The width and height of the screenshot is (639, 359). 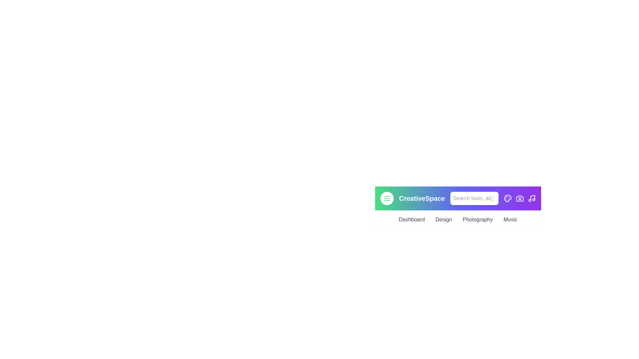 What do you see at coordinates (444, 219) in the screenshot?
I see `the Design link in the navigation bar` at bounding box center [444, 219].